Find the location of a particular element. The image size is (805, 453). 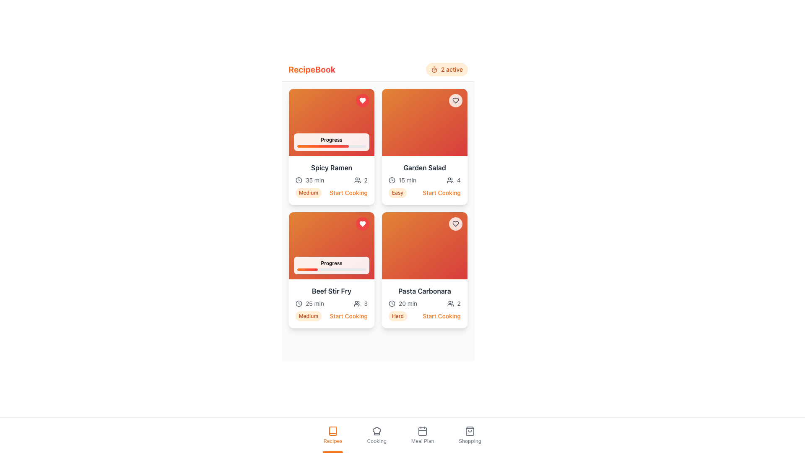

the Text label within the styled badge that indicates the status of active items or ongoing processes, located in the top right area of the interface adjacent to a timer icon is located at coordinates (452, 69).